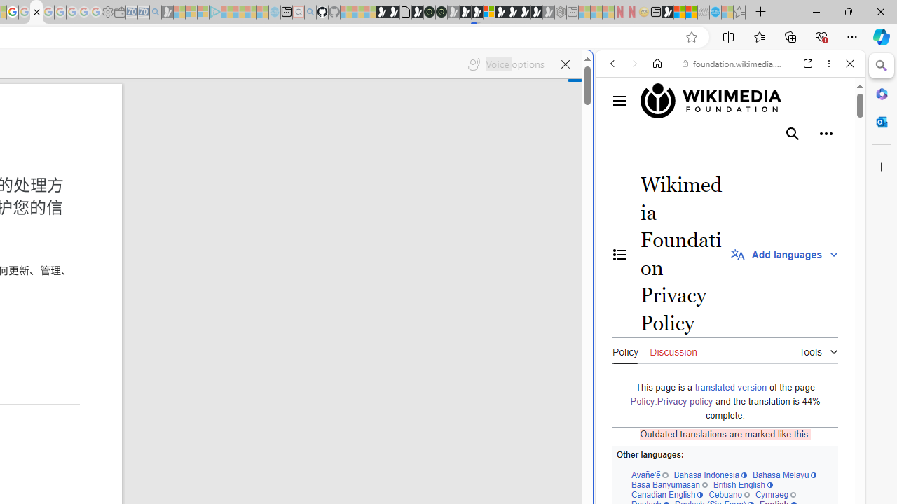 This screenshot has height=504, width=897. Describe the element at coordinates (729, 493) in the screenshot. I see `'Cebuano'` at that location.